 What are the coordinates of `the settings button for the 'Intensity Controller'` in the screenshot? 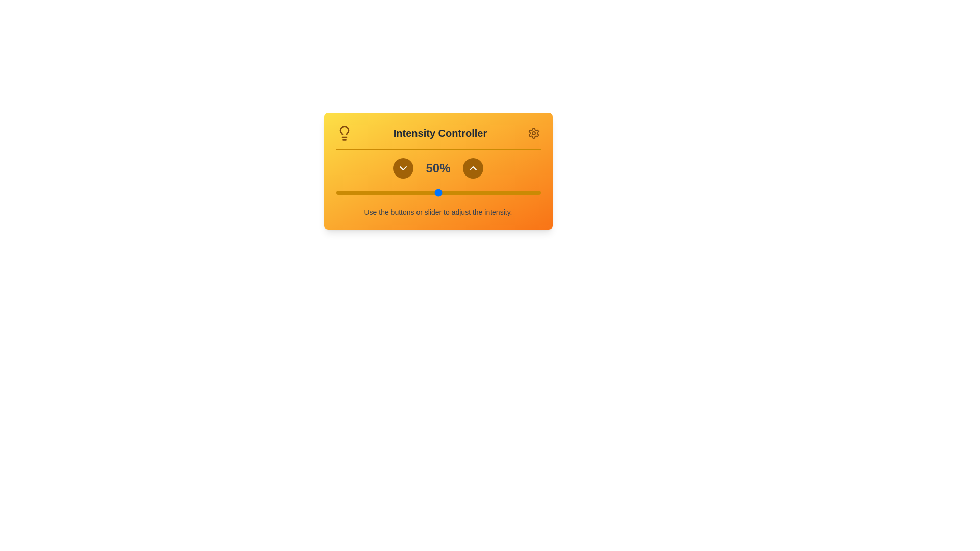 It's located at (533, 133).